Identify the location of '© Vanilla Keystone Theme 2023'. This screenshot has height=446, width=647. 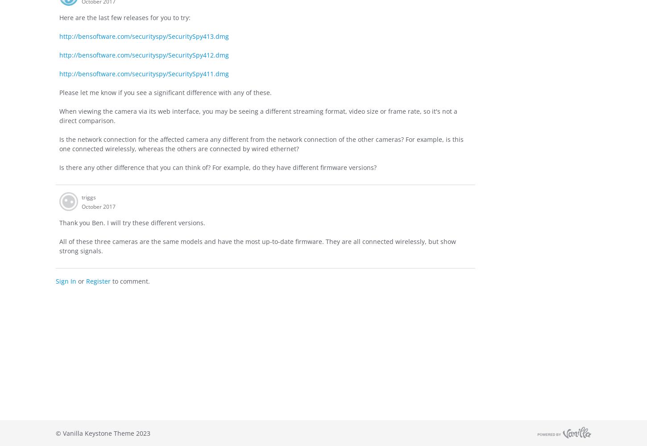
(102, 432).